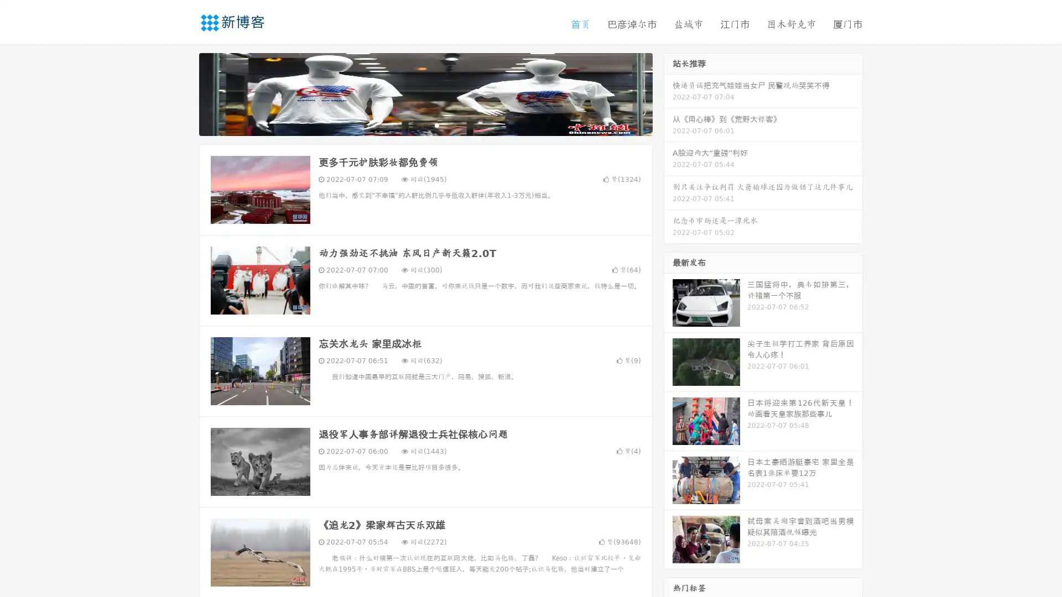 The width and height of the screenshot is (1062, 597). Describe the element at coordinates (183, 93) in the screenshot. I see `Previous slide` at that location.